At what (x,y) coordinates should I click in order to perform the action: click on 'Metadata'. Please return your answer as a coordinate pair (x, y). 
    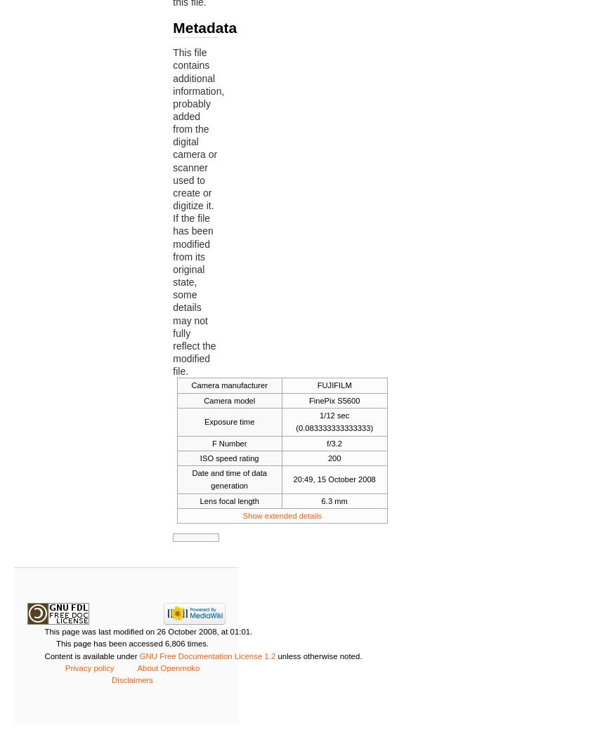
    Looking at the image, I should click on (204, 26).